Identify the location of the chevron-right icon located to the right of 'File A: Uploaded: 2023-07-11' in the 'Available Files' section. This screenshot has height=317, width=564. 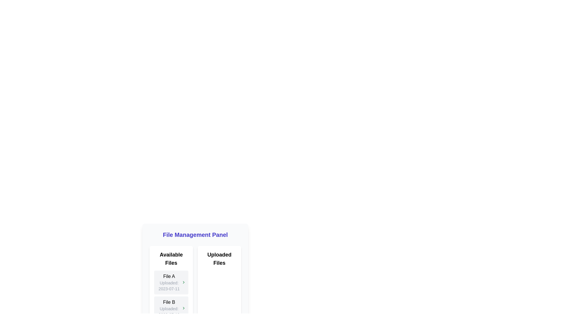
(183, 282).